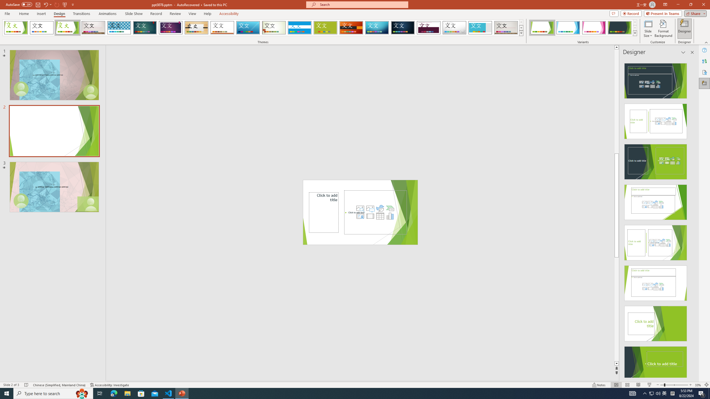 The height and width of the screenshot is (399, 710). Describe the element at coordinates (42, 27) in the screenshot. I see `'Office Theme'` at that location.